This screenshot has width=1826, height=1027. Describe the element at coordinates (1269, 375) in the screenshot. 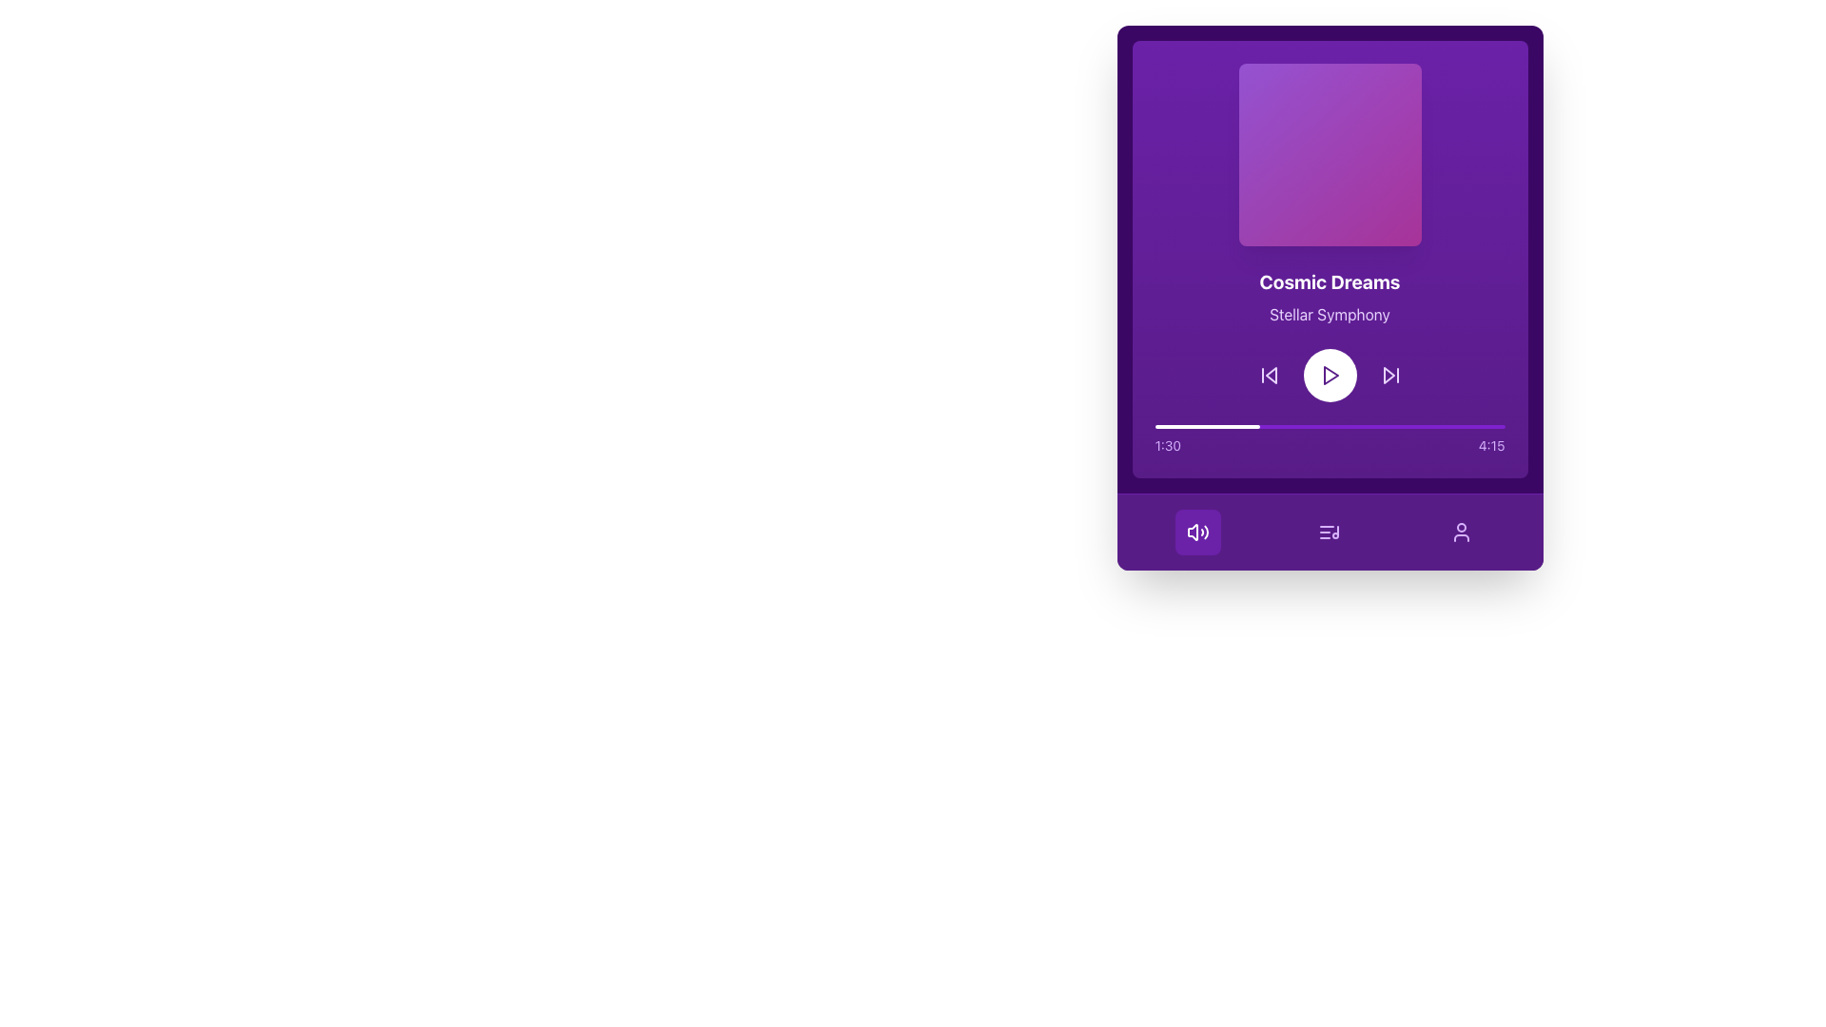

I see `the skip back button, which is the leftmost control icon in the music player interface located at the bottom section` at that location.